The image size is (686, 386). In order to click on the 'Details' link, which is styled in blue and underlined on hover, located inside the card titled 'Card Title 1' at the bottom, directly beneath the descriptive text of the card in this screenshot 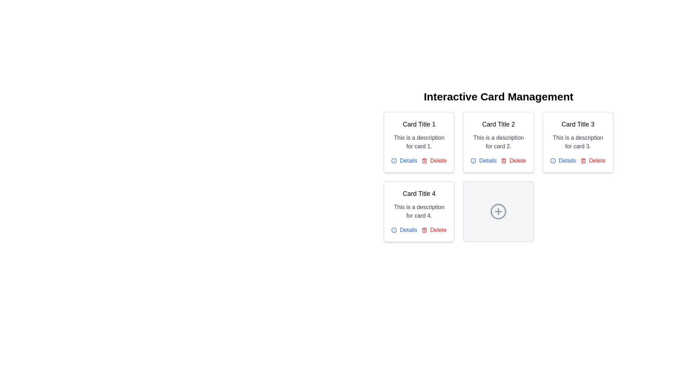, I will do `click(419, 161)`.